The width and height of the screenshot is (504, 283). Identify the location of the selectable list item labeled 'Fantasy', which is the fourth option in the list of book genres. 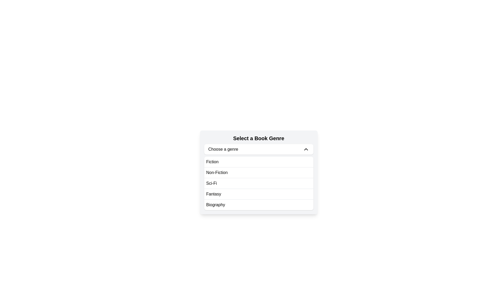
(259, 194).